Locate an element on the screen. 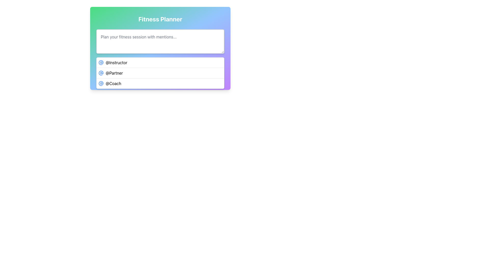 The width and height of the screenshot is (489, 275). the 'Clear' button, which has a red background, white text, and a smiling face icon on its left, to observe the hover effect is located at coordinates (108, 66).